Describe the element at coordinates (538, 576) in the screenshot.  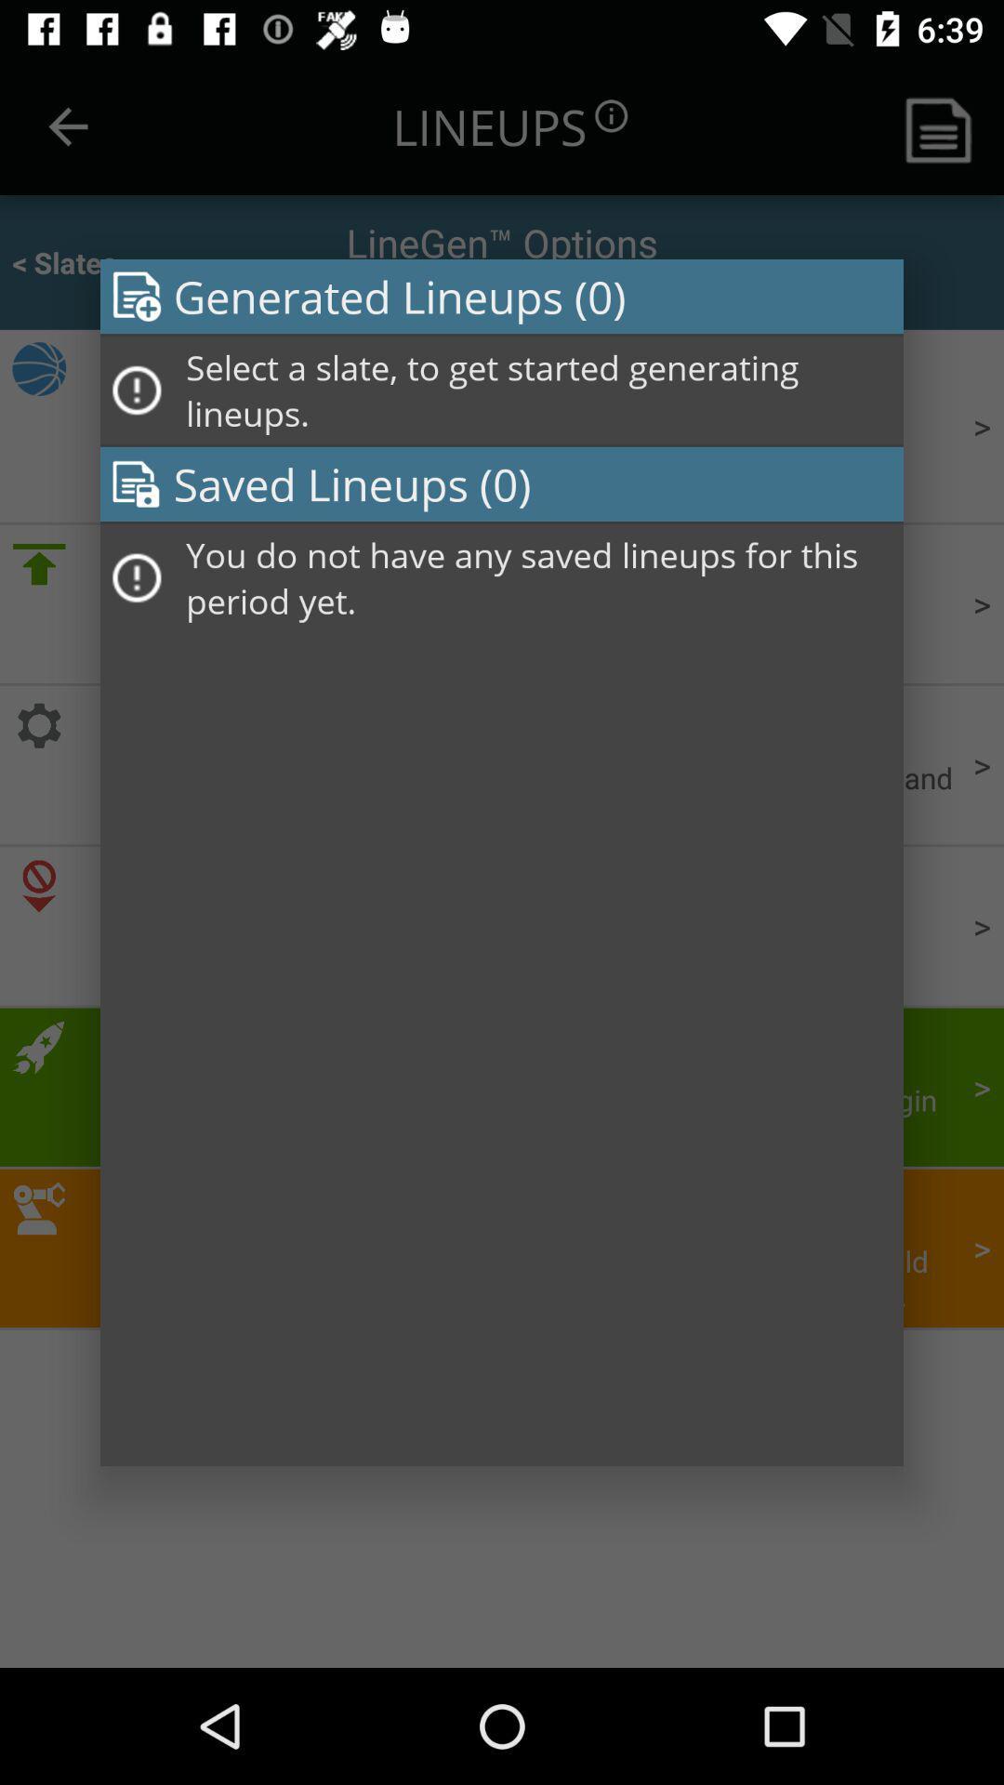
I see `the you do not item` at that location.